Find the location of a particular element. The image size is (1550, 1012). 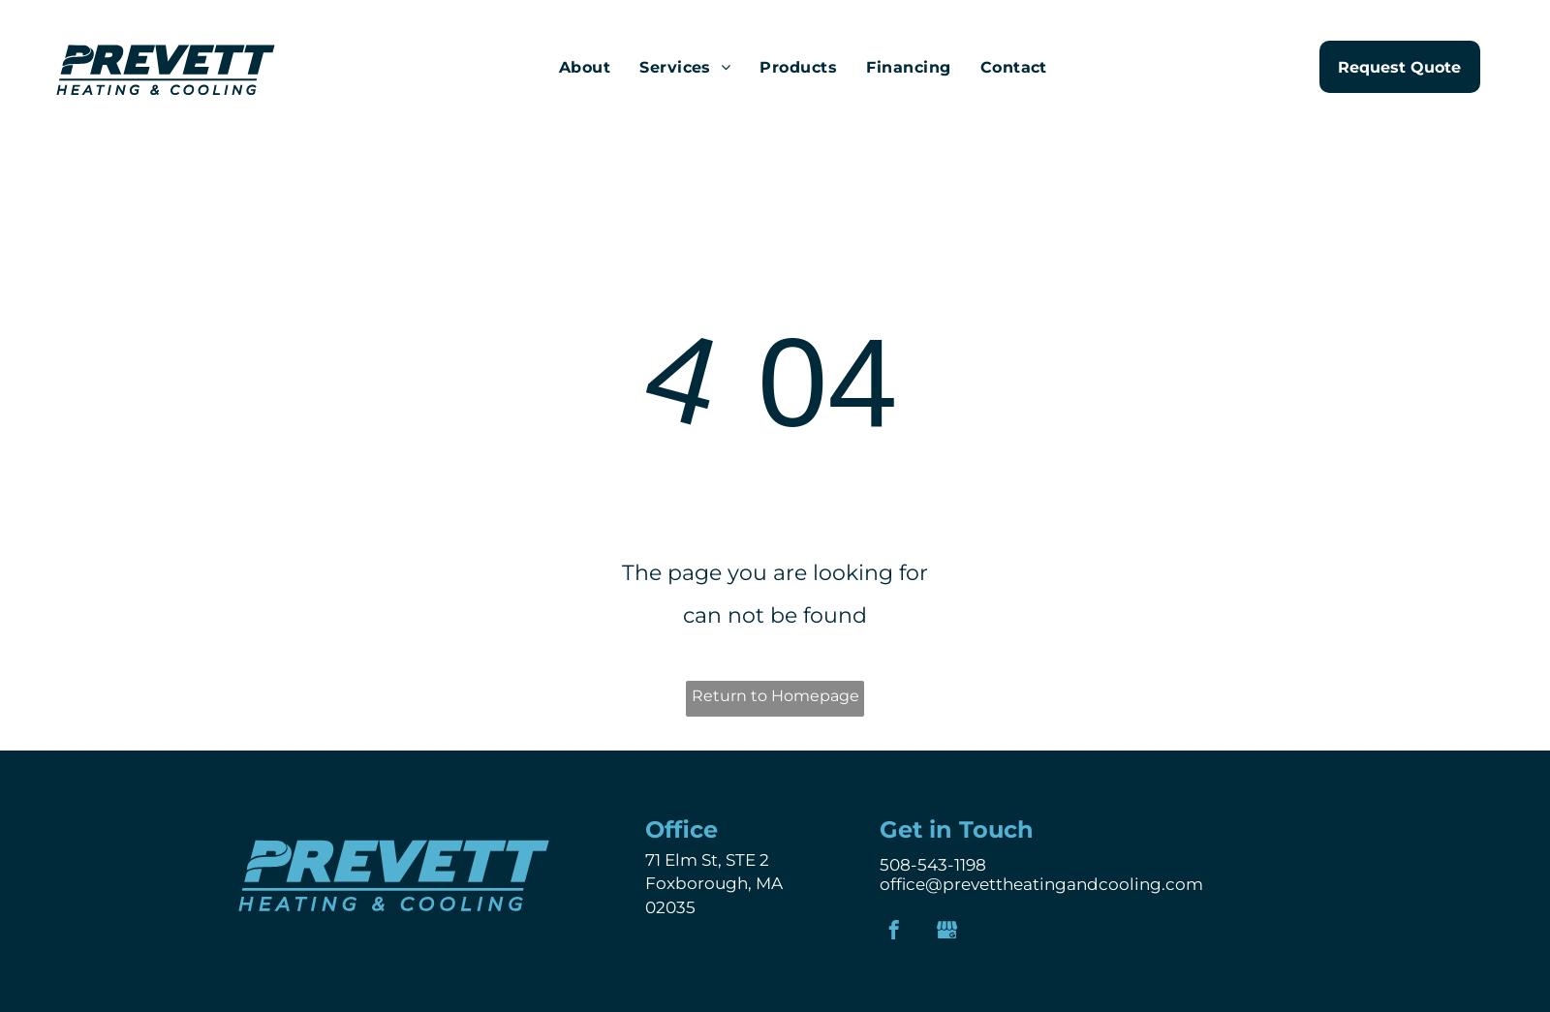

'About' is located at coordinates (584, 67).